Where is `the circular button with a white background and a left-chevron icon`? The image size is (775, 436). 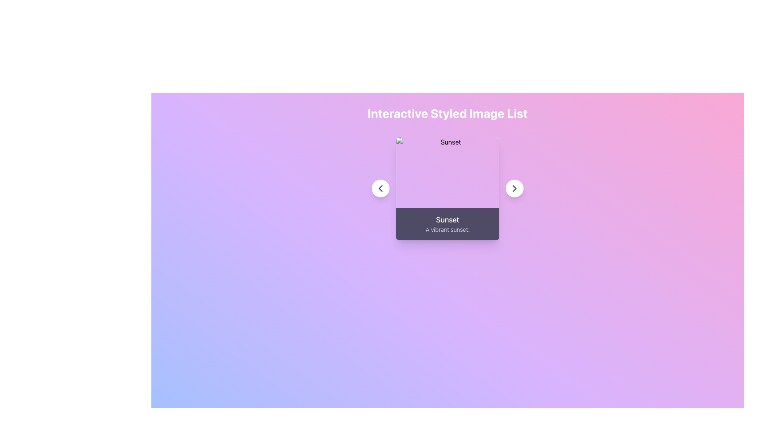
the circular button with a white background and a left-chevron icon is located at coordinates (380, 188).